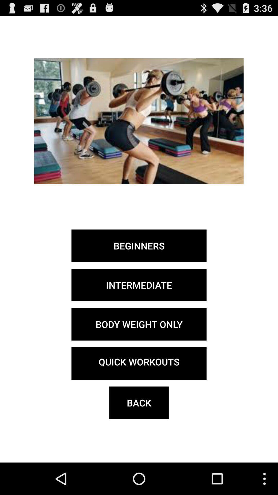  I want to click on the item below intermediate, so click(139, 324).